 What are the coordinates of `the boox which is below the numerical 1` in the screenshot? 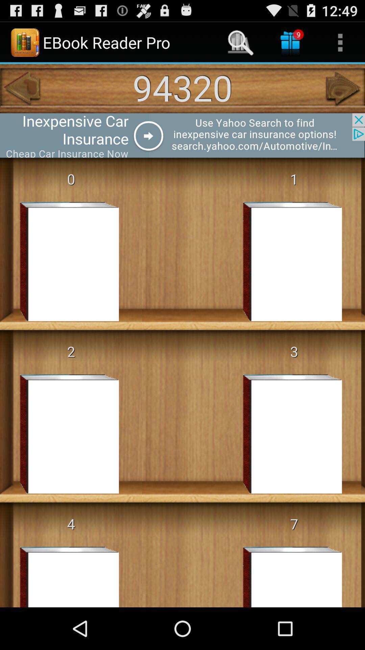 It's located at (283, 261).